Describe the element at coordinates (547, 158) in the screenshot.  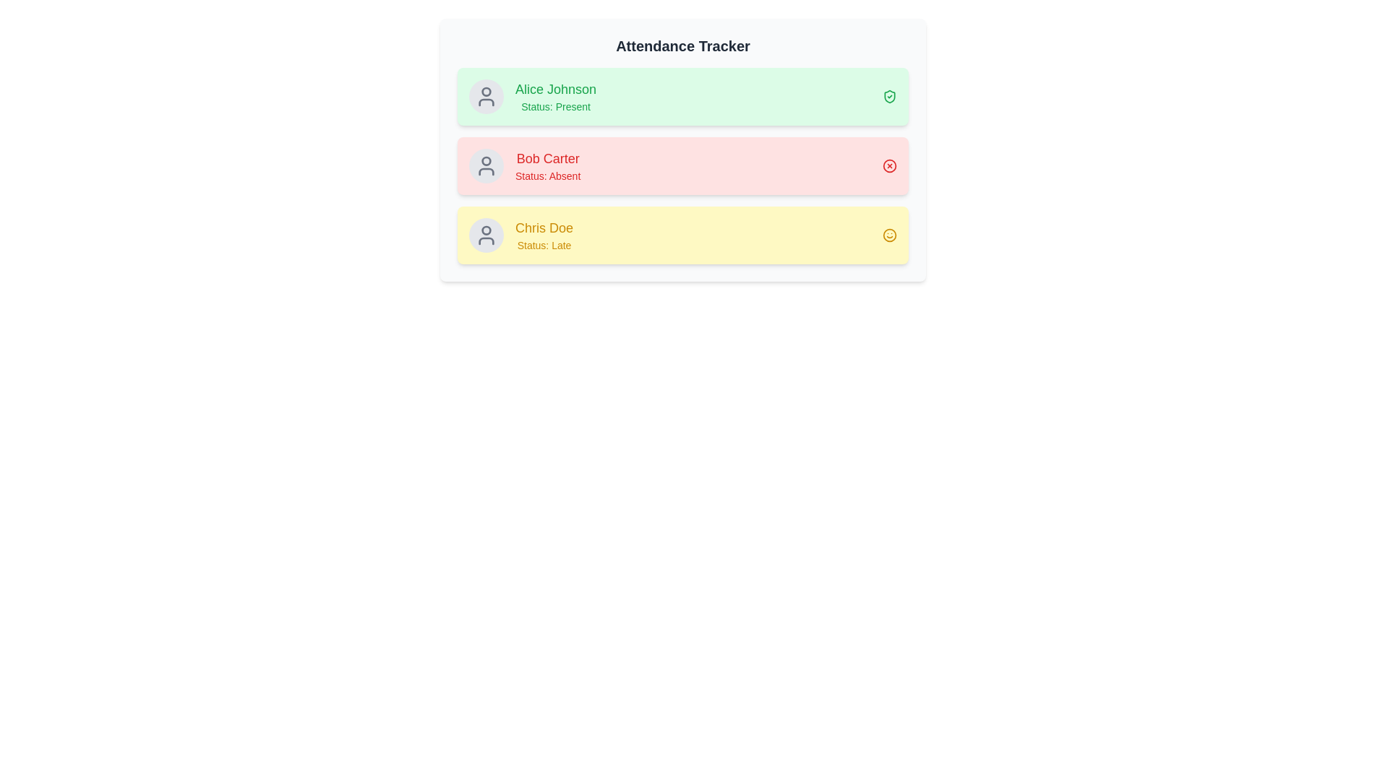
I see `the text label identifying 'Bob Carter' in the attendance tracking interface, which is positioned in the second row above 'Status: Absent'` at that location.